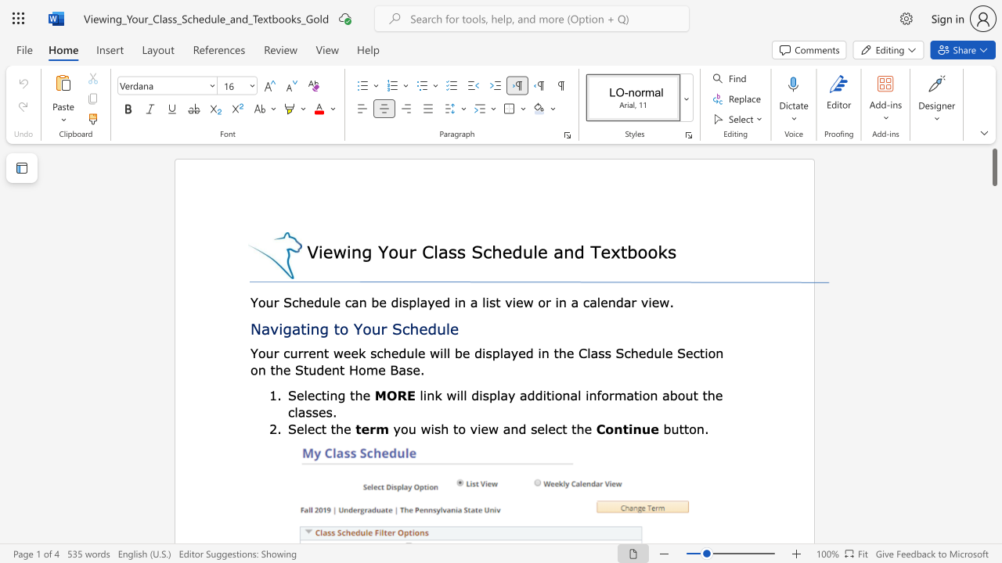  What do you see at coordinates (993, 389) in the screenshot?
I see `the scrollbar to scroll the page down` at bounding box center [993, 389].